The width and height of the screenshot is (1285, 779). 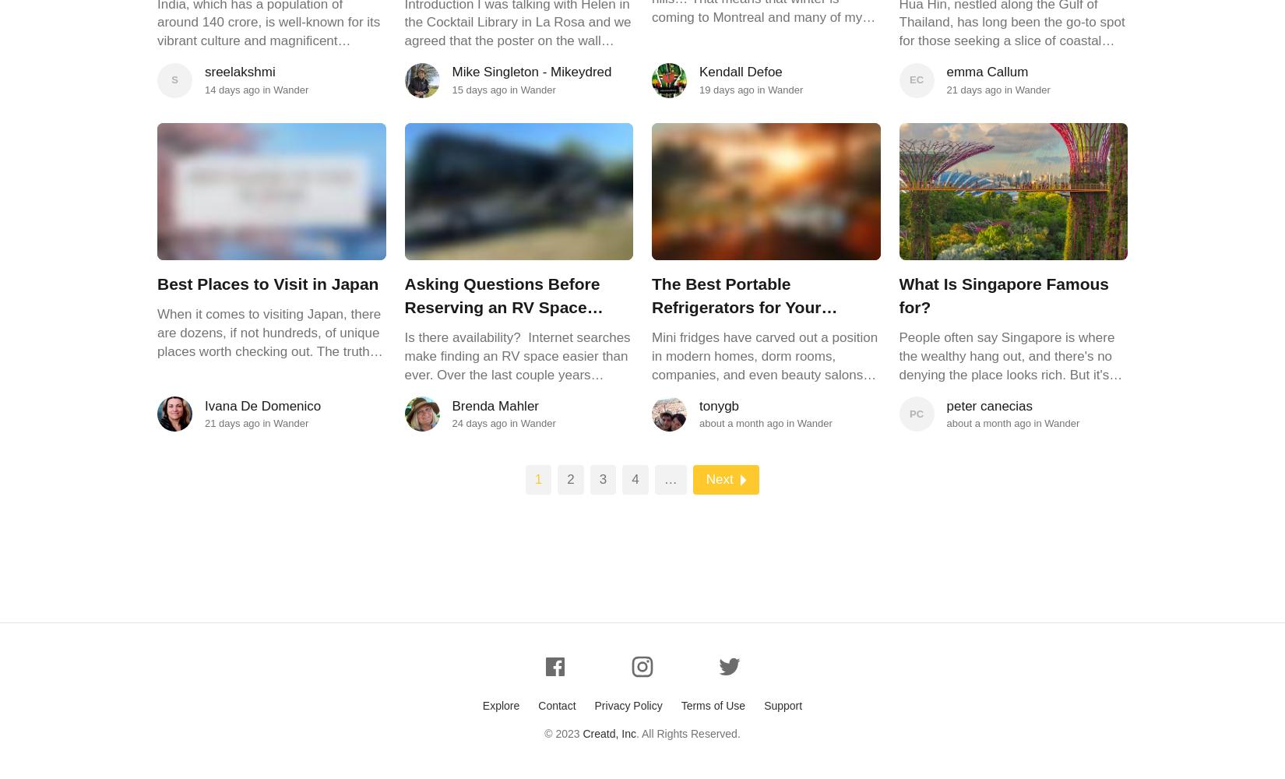 What do you see at coordinates (602, 478) in the screenshot?
I see `'3'` at bounding box center [602, 478].